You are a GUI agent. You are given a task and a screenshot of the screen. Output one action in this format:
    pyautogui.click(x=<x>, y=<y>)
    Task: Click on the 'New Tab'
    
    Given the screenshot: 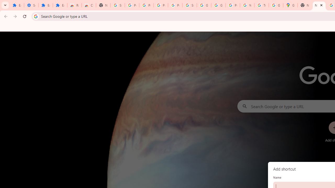 What is the action you would take?
    pyautogui.click(x=319, y=5)
    